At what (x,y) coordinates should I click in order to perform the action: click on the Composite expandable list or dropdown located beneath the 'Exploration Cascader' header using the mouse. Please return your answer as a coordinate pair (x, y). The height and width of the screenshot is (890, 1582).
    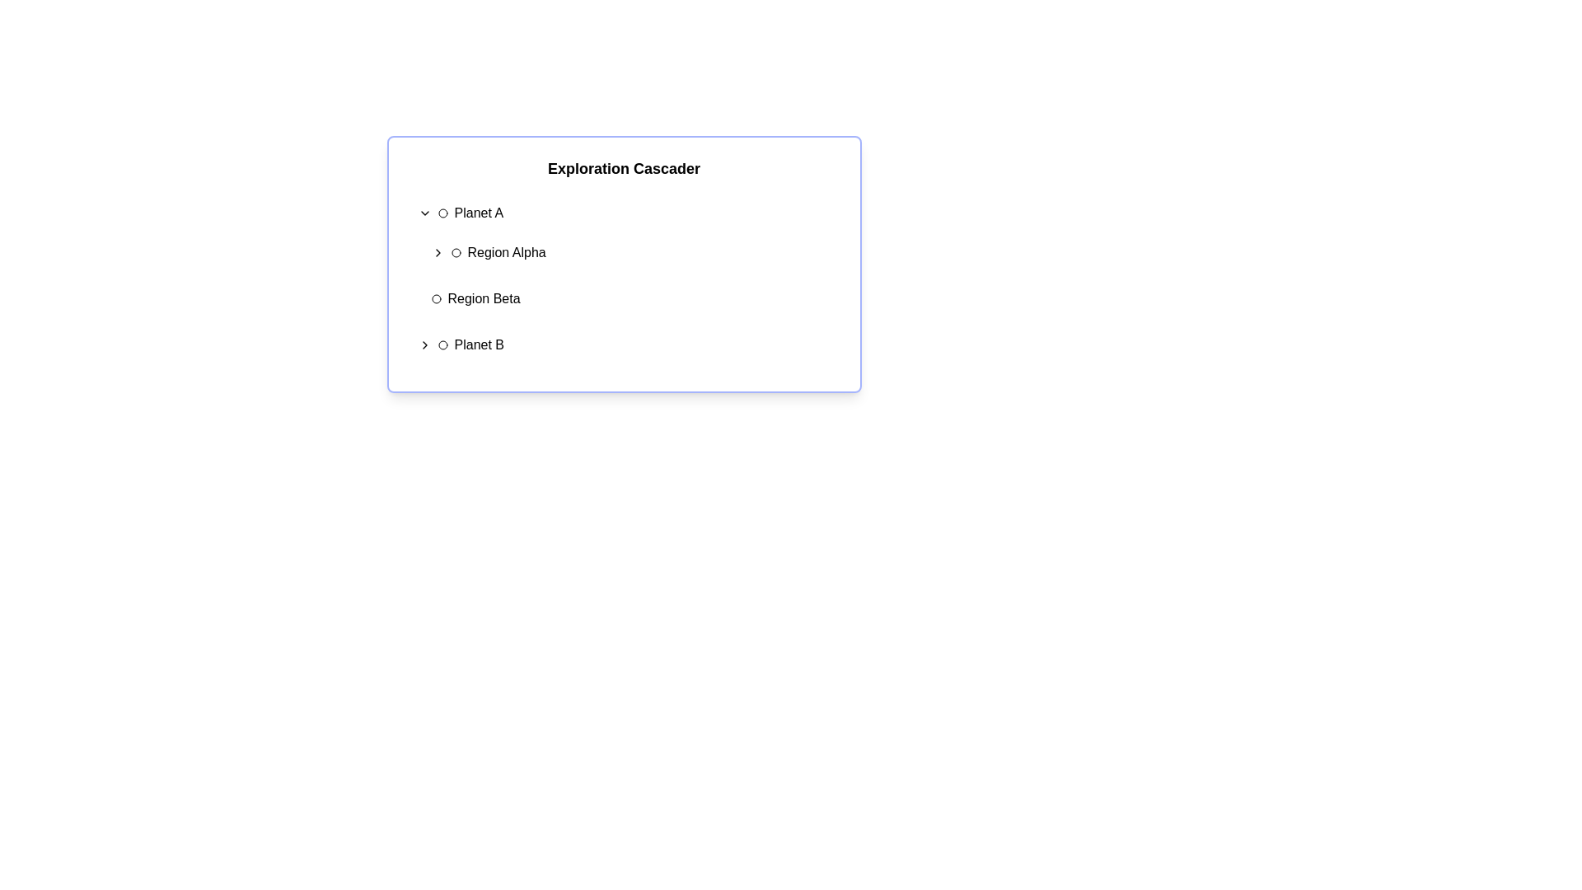
    Looking at the image, I should click on (623, 279).